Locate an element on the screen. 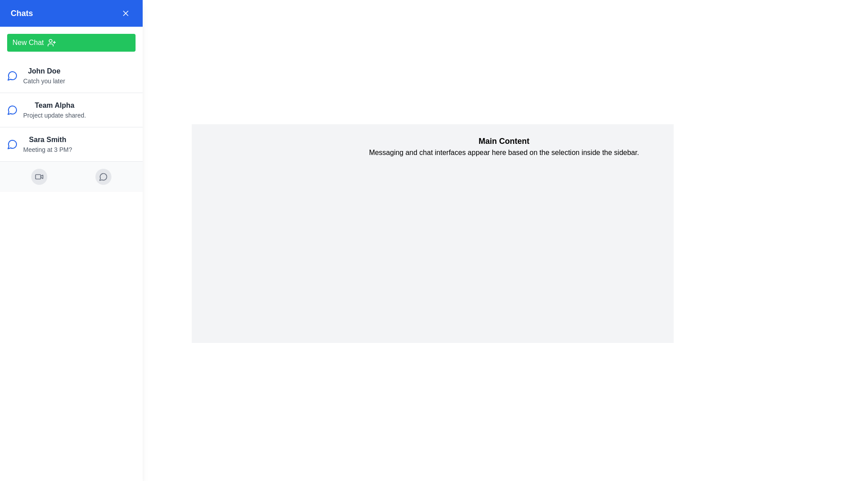 This screenshot has width=856, height=481. the chat icon for 'Team Alpha' located in the top-left corner of the sidebar to initiate an action related to the chat is located at coordinates (12, 109).